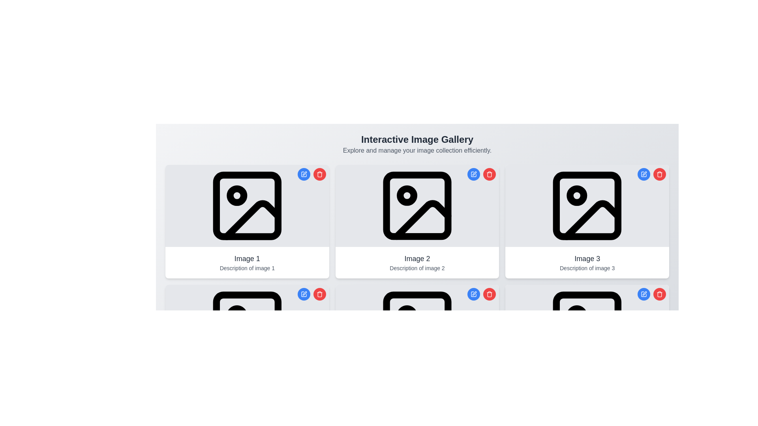 The height and width of the screenshot is (426, 758). I want to click on the pen icon within the blue circular button above the 'Image 3' card, so click(644, 294).